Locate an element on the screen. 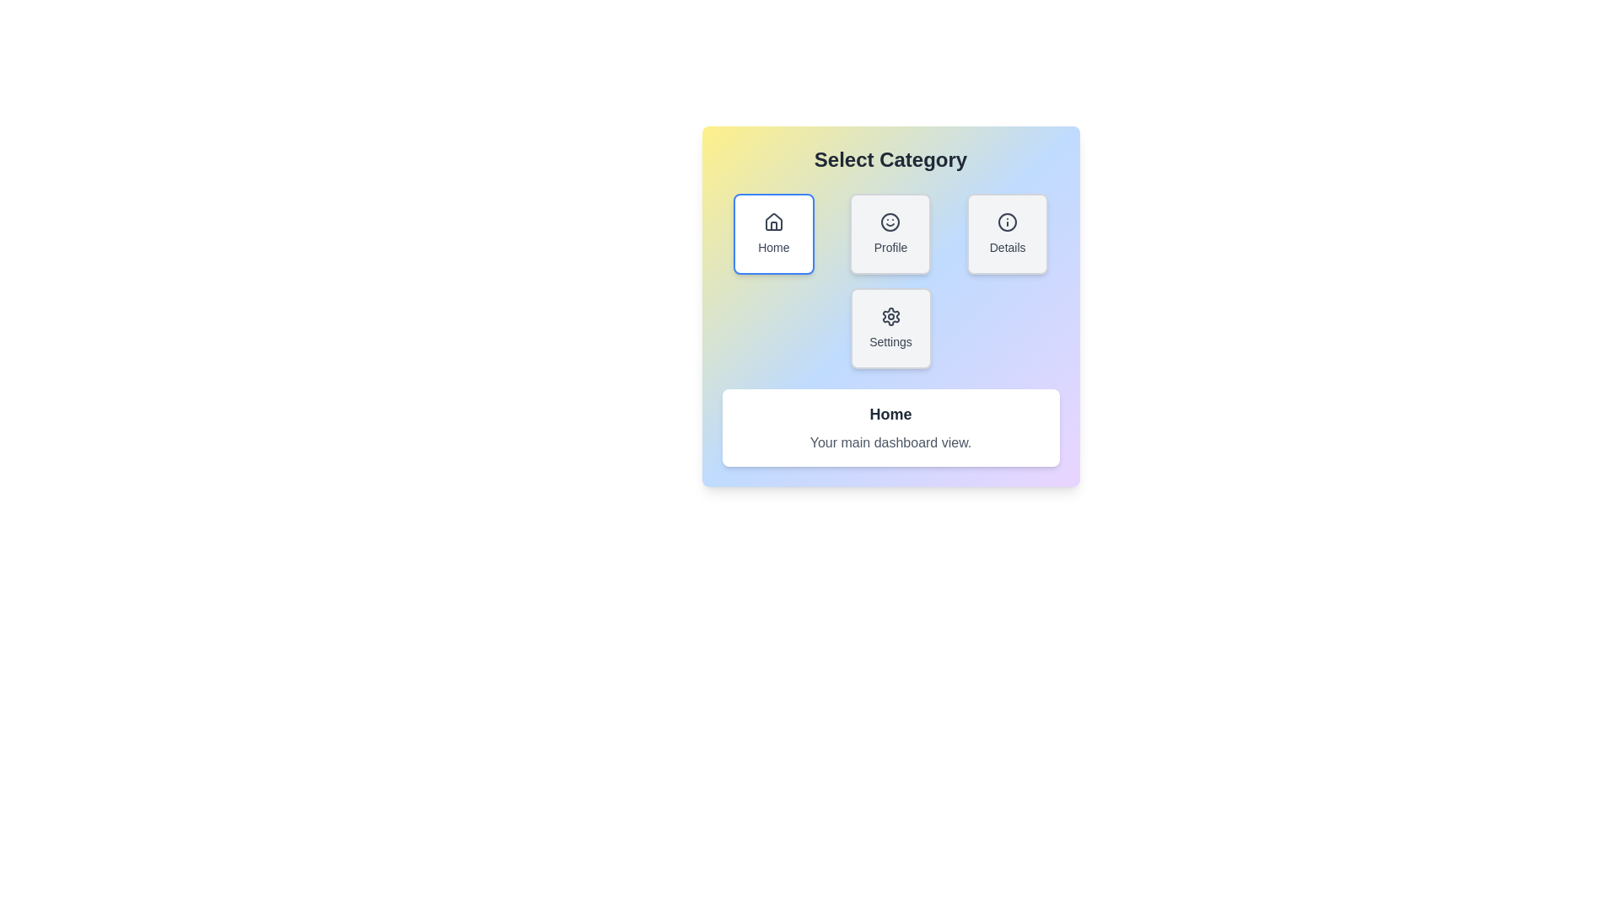 Image resolution: width=1619 pixels, height=910 pixels. the circular icon resembling a smiling face, which is part of the 'Profile' button located in the top row of a 2x2 grid, specifically the second button from the left is located at coordinates (890, 221).